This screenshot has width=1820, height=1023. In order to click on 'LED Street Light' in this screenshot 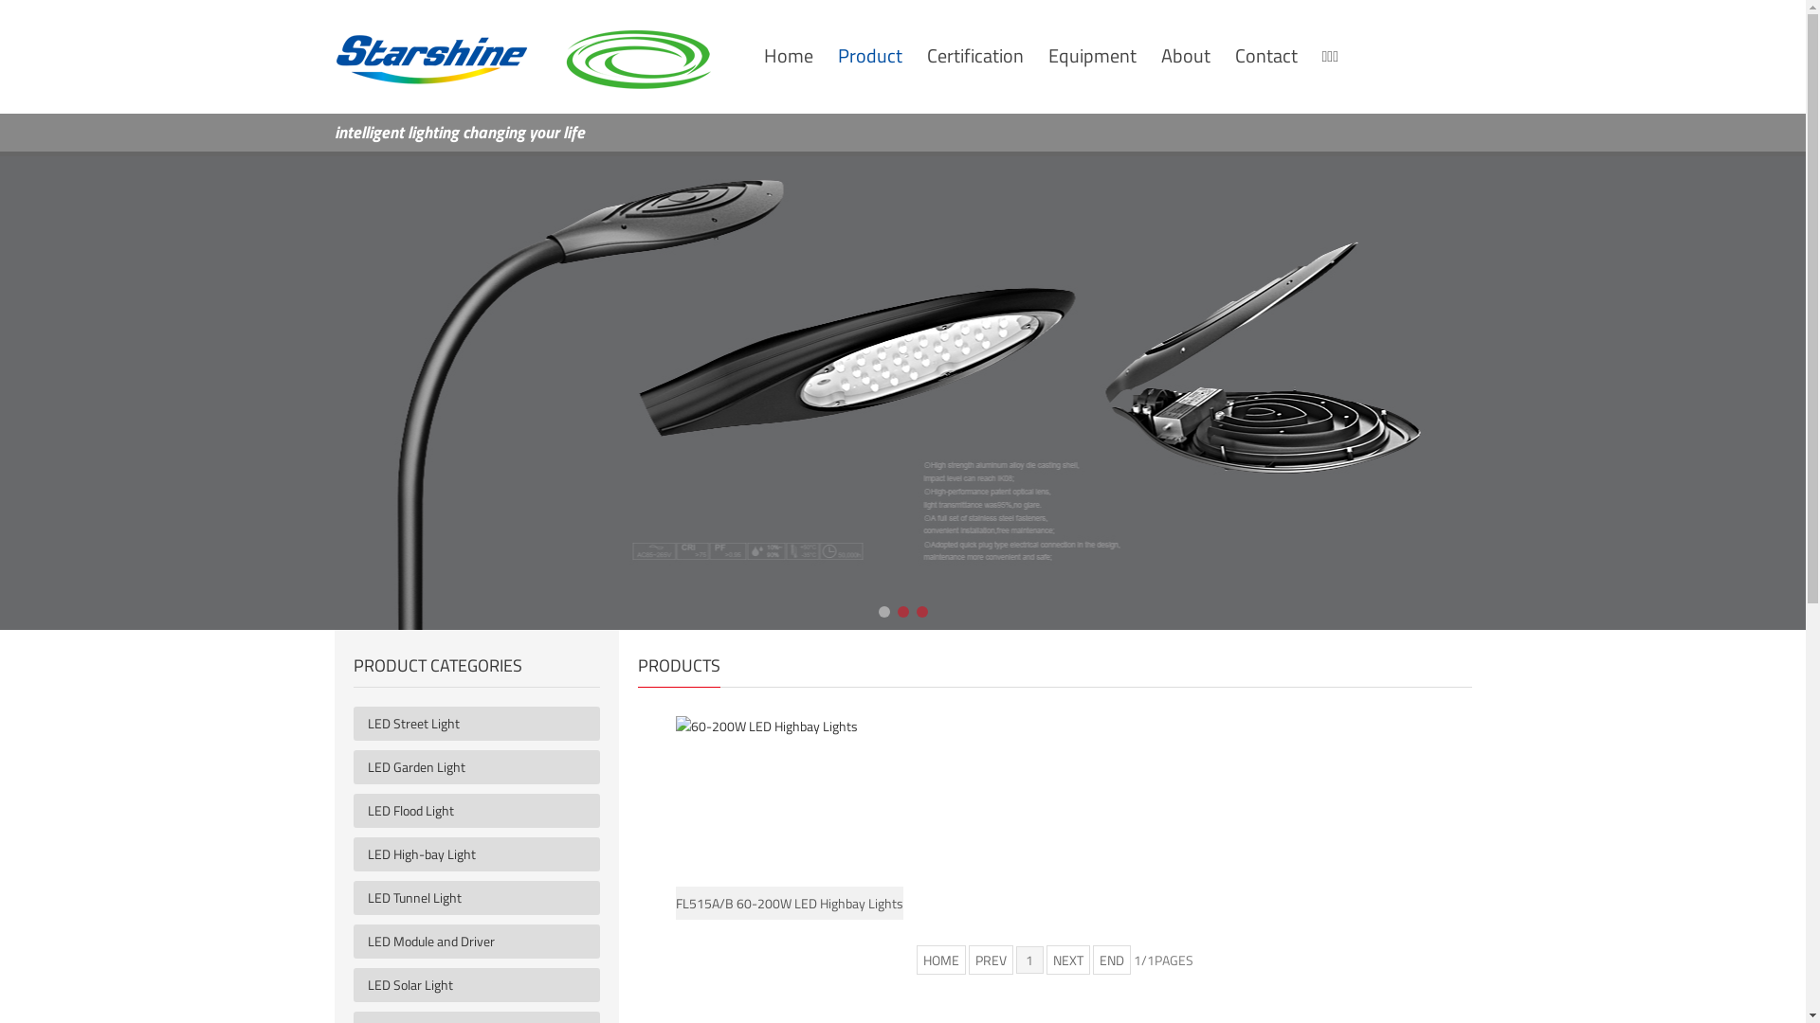, I will do `click(483, 723)`.